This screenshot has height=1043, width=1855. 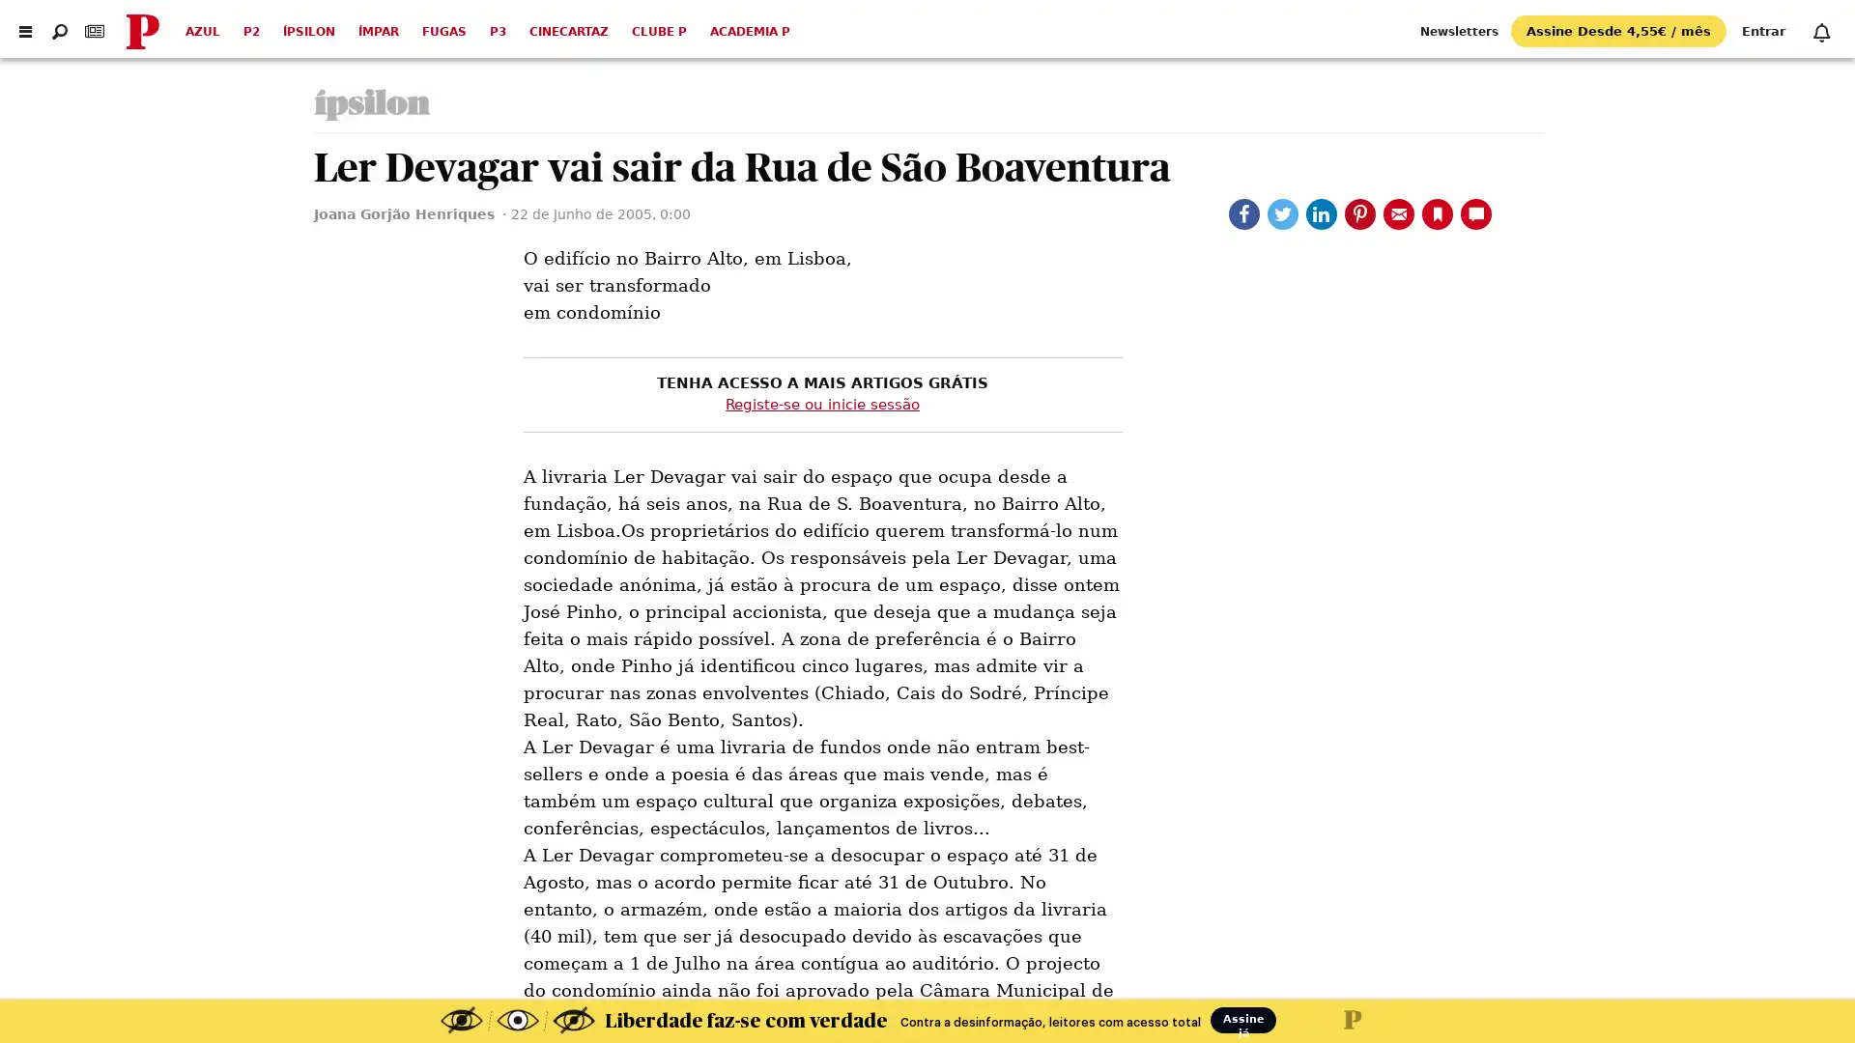 I want to click on Abrir menu, so click(x=24, y=30).